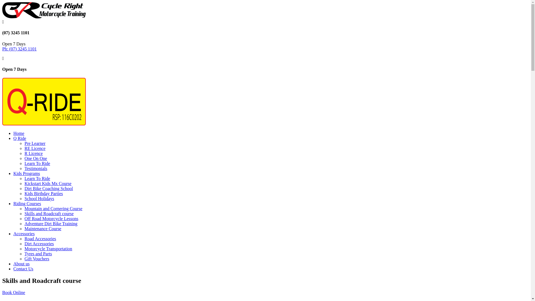  What do you see at coordinates (37, 259) in the screenshot?
I see `'Gift Vouchers'` at bounding box center [37, 259].